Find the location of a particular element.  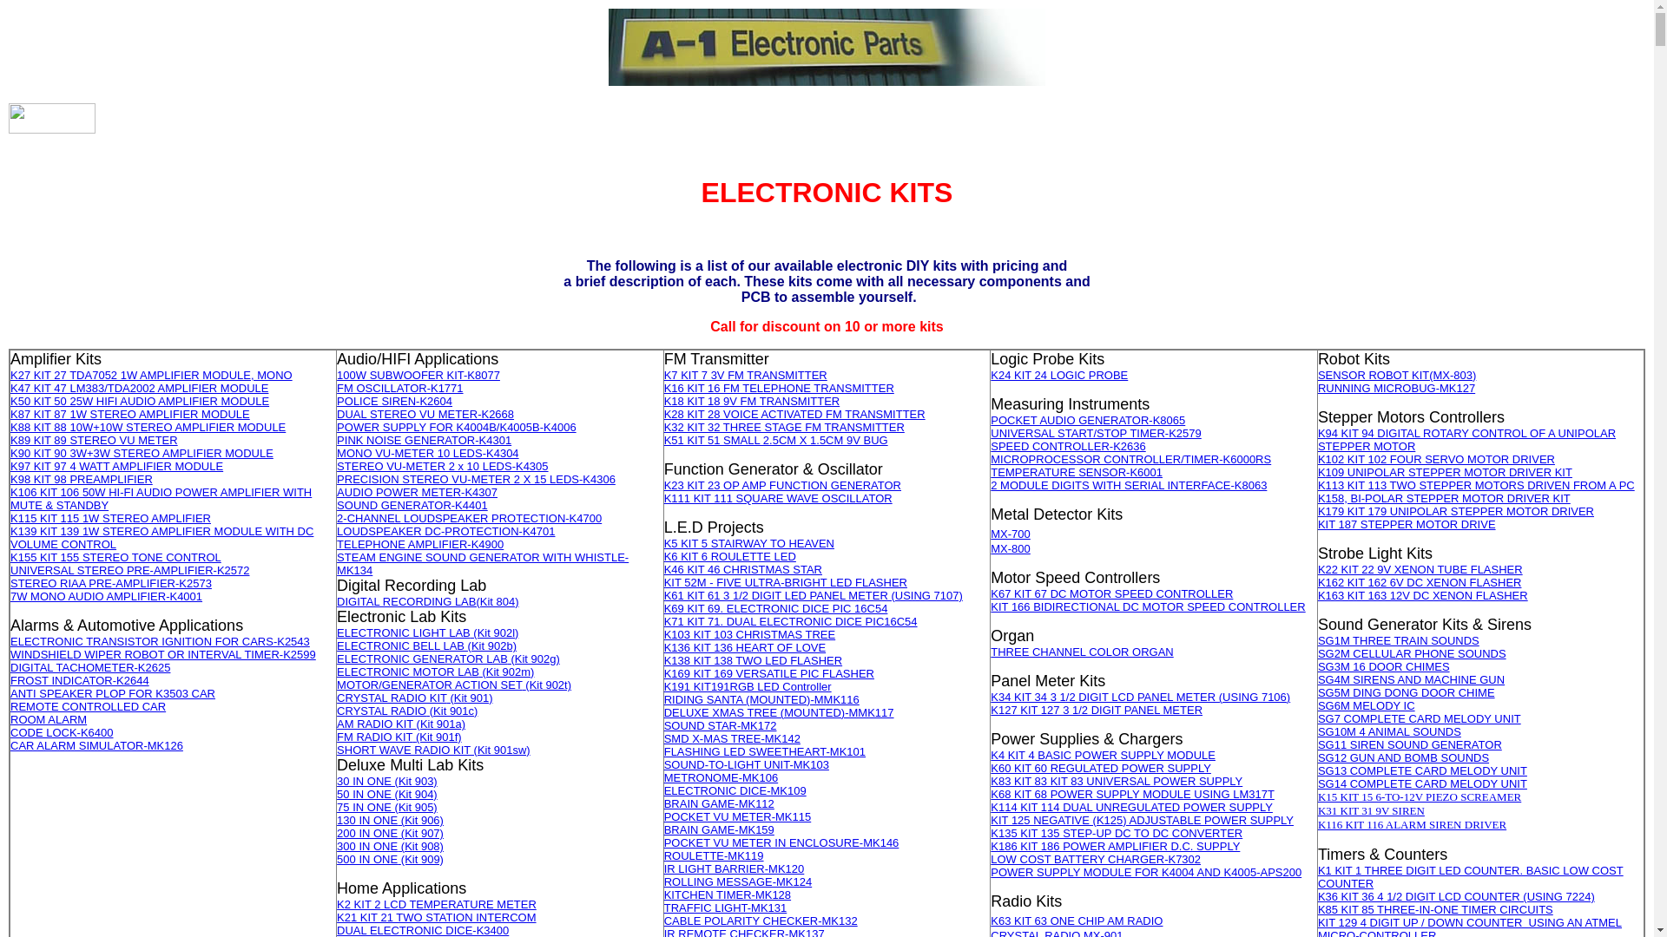

'DUAL STEREO VU METER-K2668' is located at coordinates (425, 414).